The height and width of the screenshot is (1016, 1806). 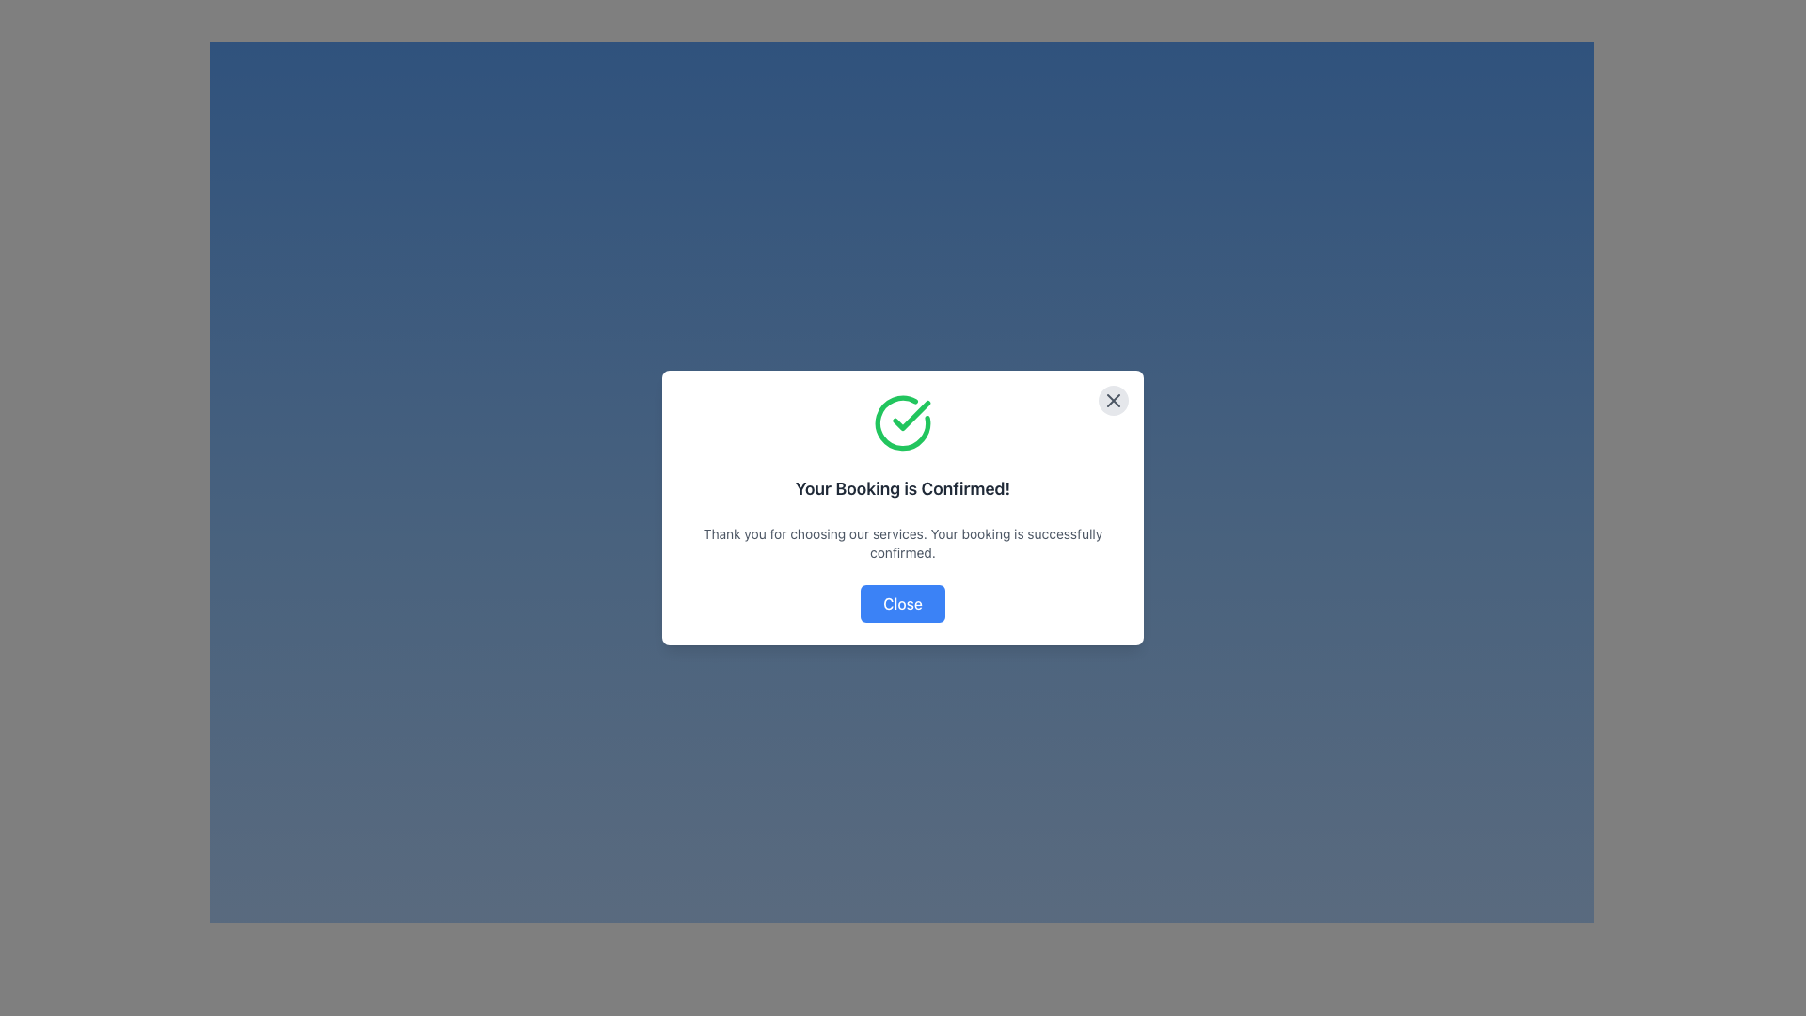 I want to click on text label displaying 'Your Booking is Confirmed!' which is positioned below a green circular check icon in a modal dialog box, so click(x=903, y=488).